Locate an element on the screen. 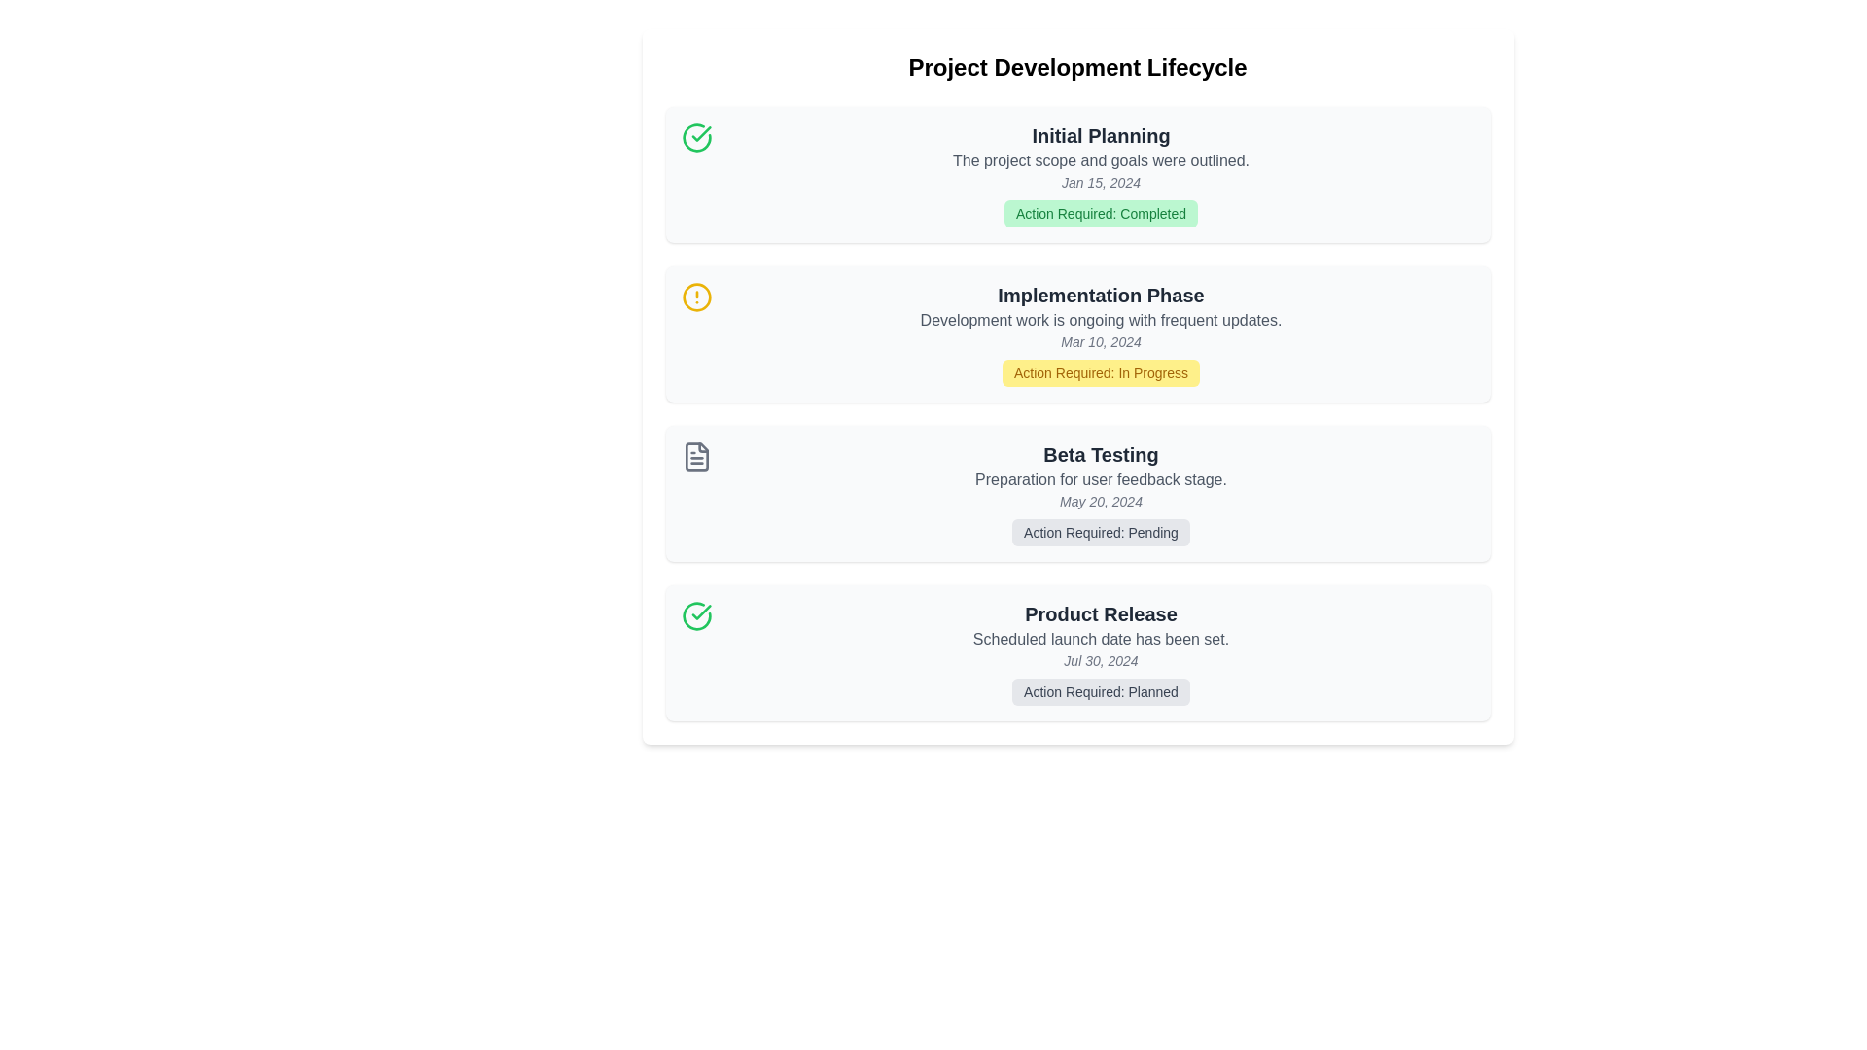  the visual alert icon located at the left edge of the 'Implementation Phase' section in the project lifecycle interface is located at coordinates (696, 297).